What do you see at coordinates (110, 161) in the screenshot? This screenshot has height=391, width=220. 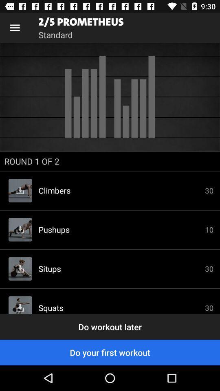 I see `round 1 of` at bounding box center [110, 161].